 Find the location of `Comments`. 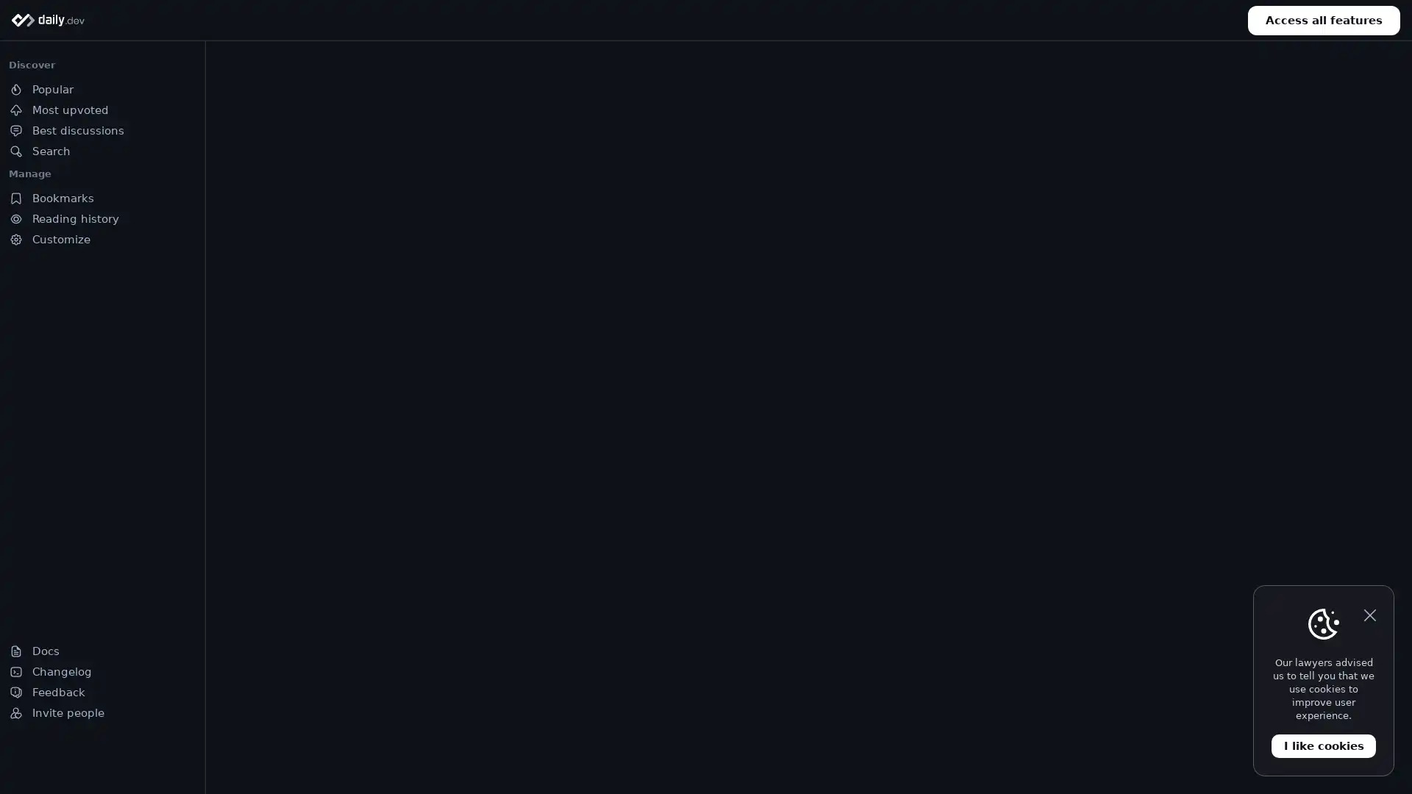

Comments is located at coordinates (419, 717).